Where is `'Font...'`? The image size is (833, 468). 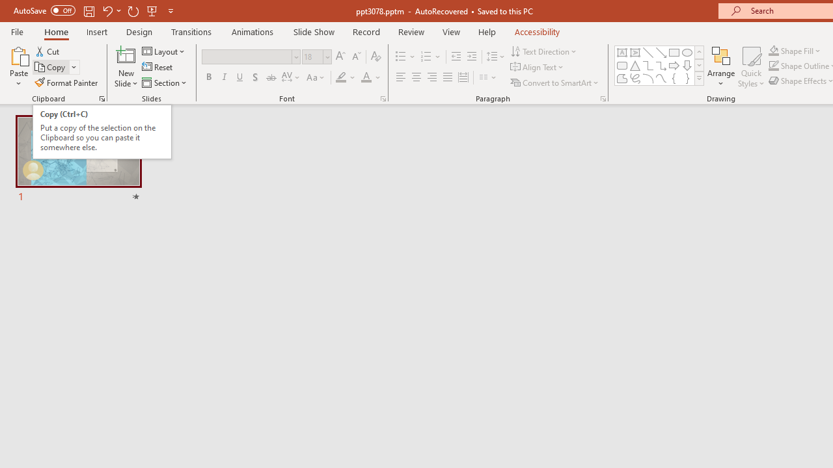
'Font...' is located at coordinates (382, 97).